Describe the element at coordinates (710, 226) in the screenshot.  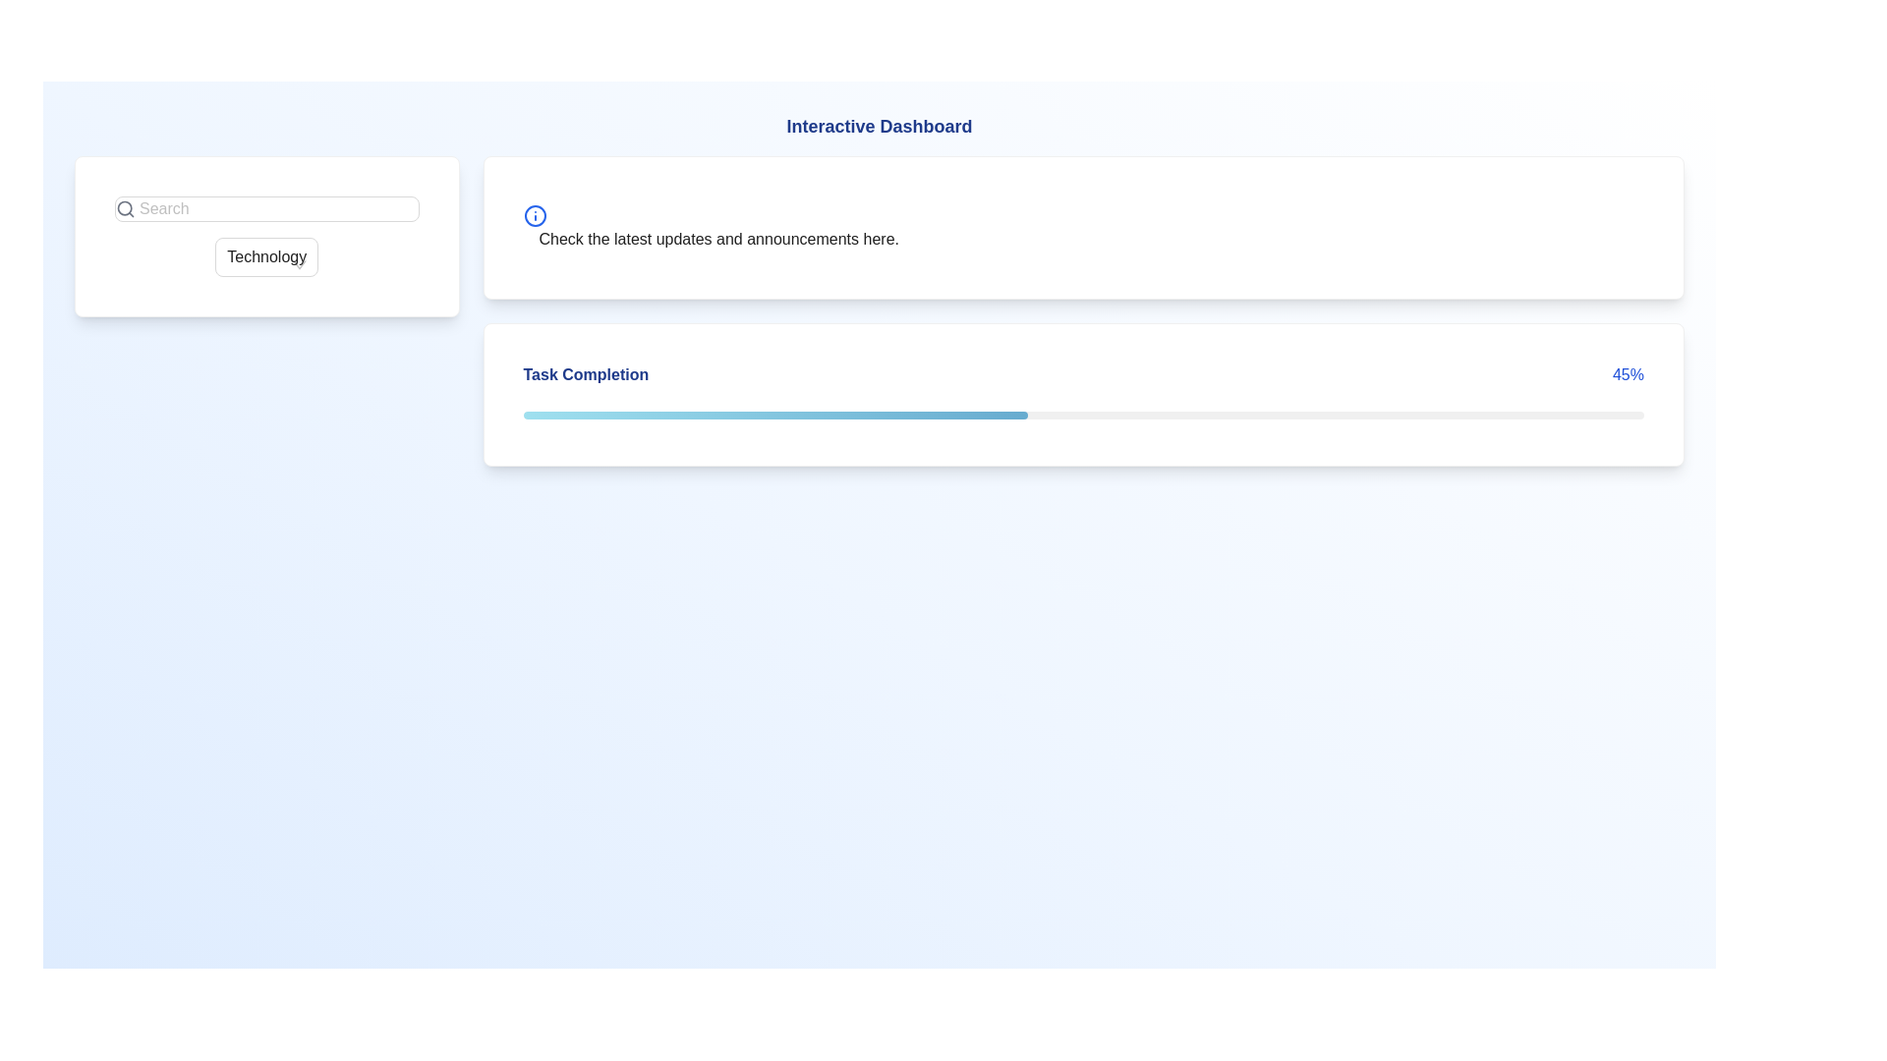
I see `information text displayed in the card body that contains the message 'Check the latest updates and announcements here.'` at that location.